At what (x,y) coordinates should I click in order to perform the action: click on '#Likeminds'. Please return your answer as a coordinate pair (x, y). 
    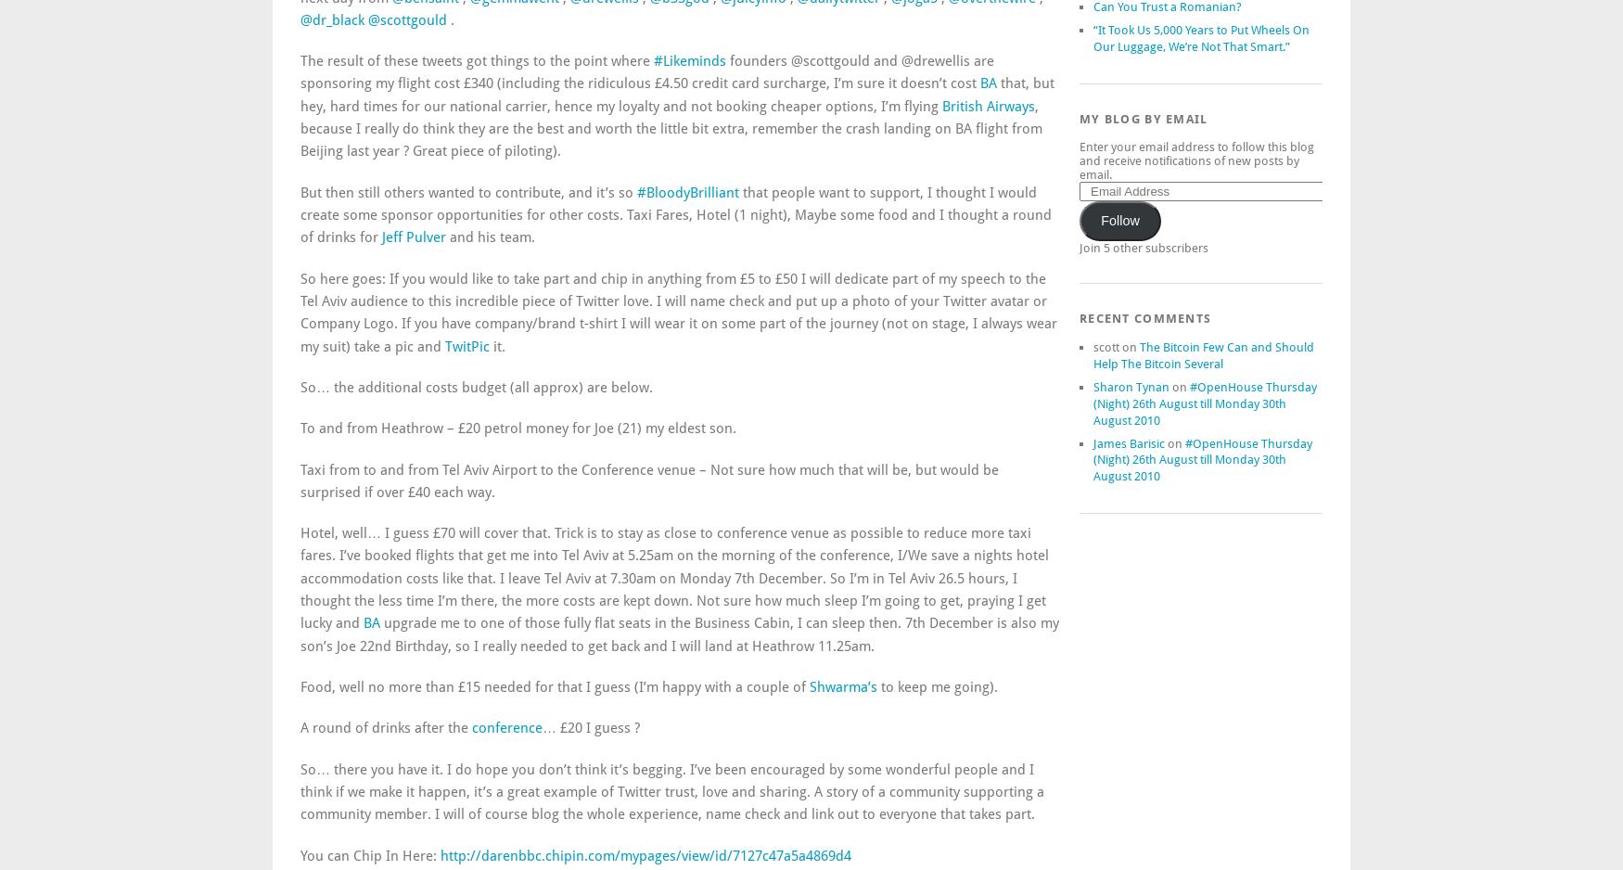
    Looking at the image, I should click on (689, 60).